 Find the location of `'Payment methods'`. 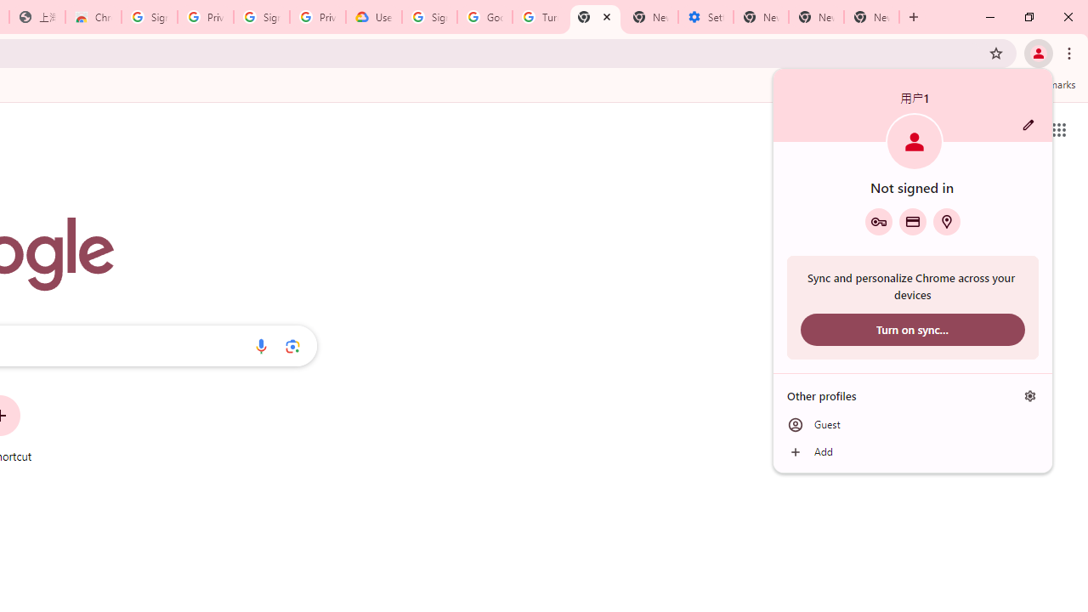

'Payment methods' is located at coordinates (912, 221).